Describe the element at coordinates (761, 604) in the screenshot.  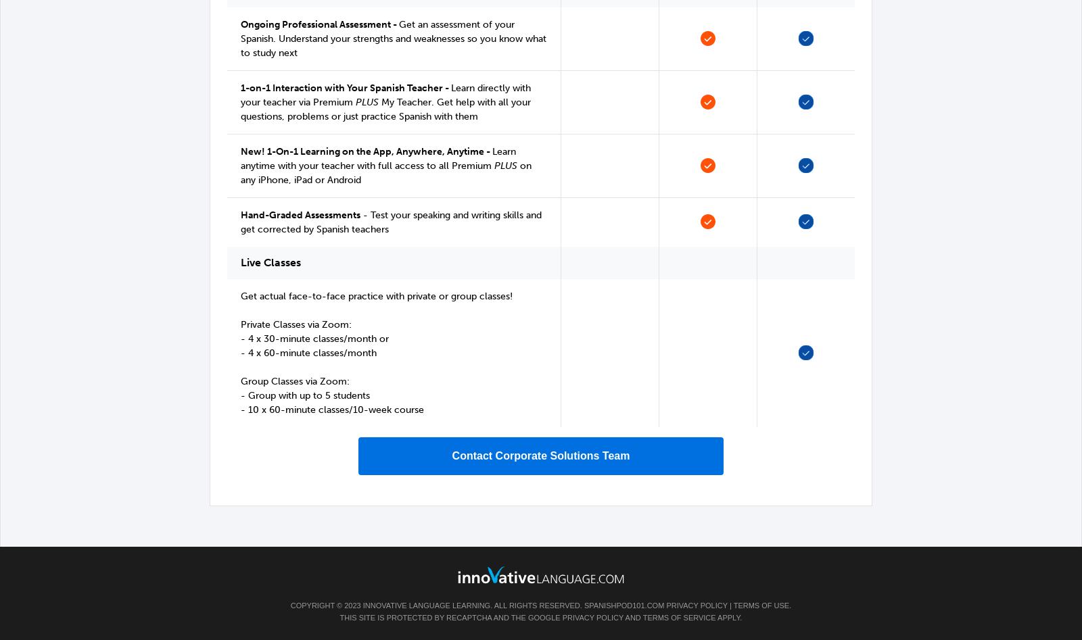
I see `'Terms of Use'` at that location.